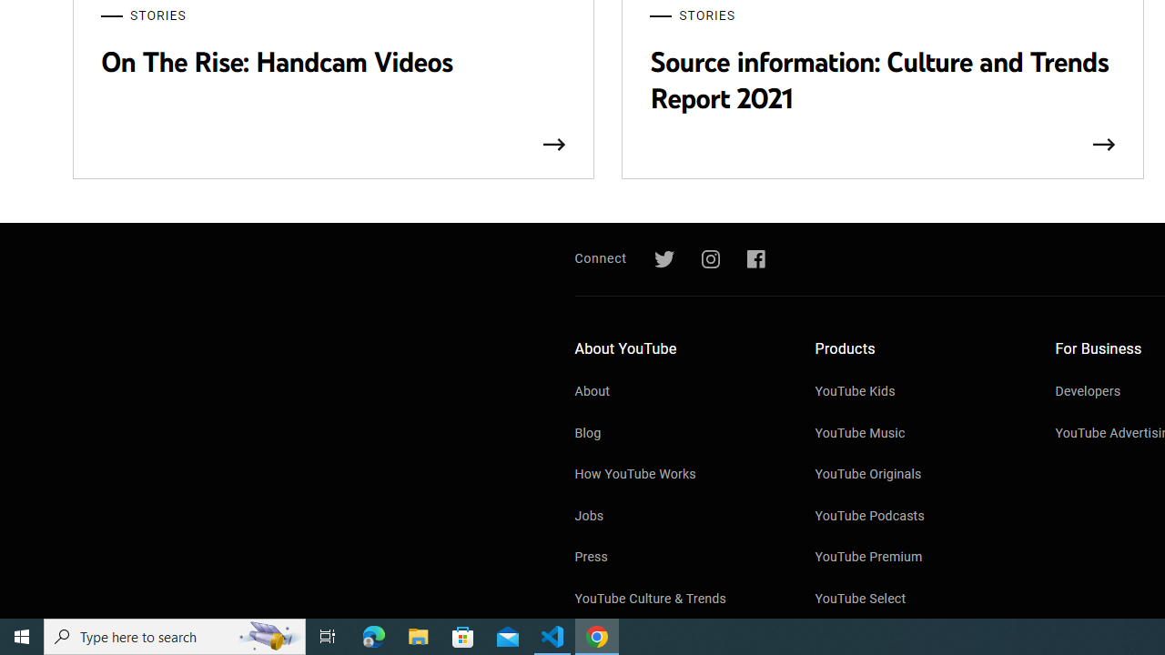 The width and height of the screenshot is (1165, 655). Describe the element at coordinates (675, 558) in the screenshot. I see `'Press'` at that location.